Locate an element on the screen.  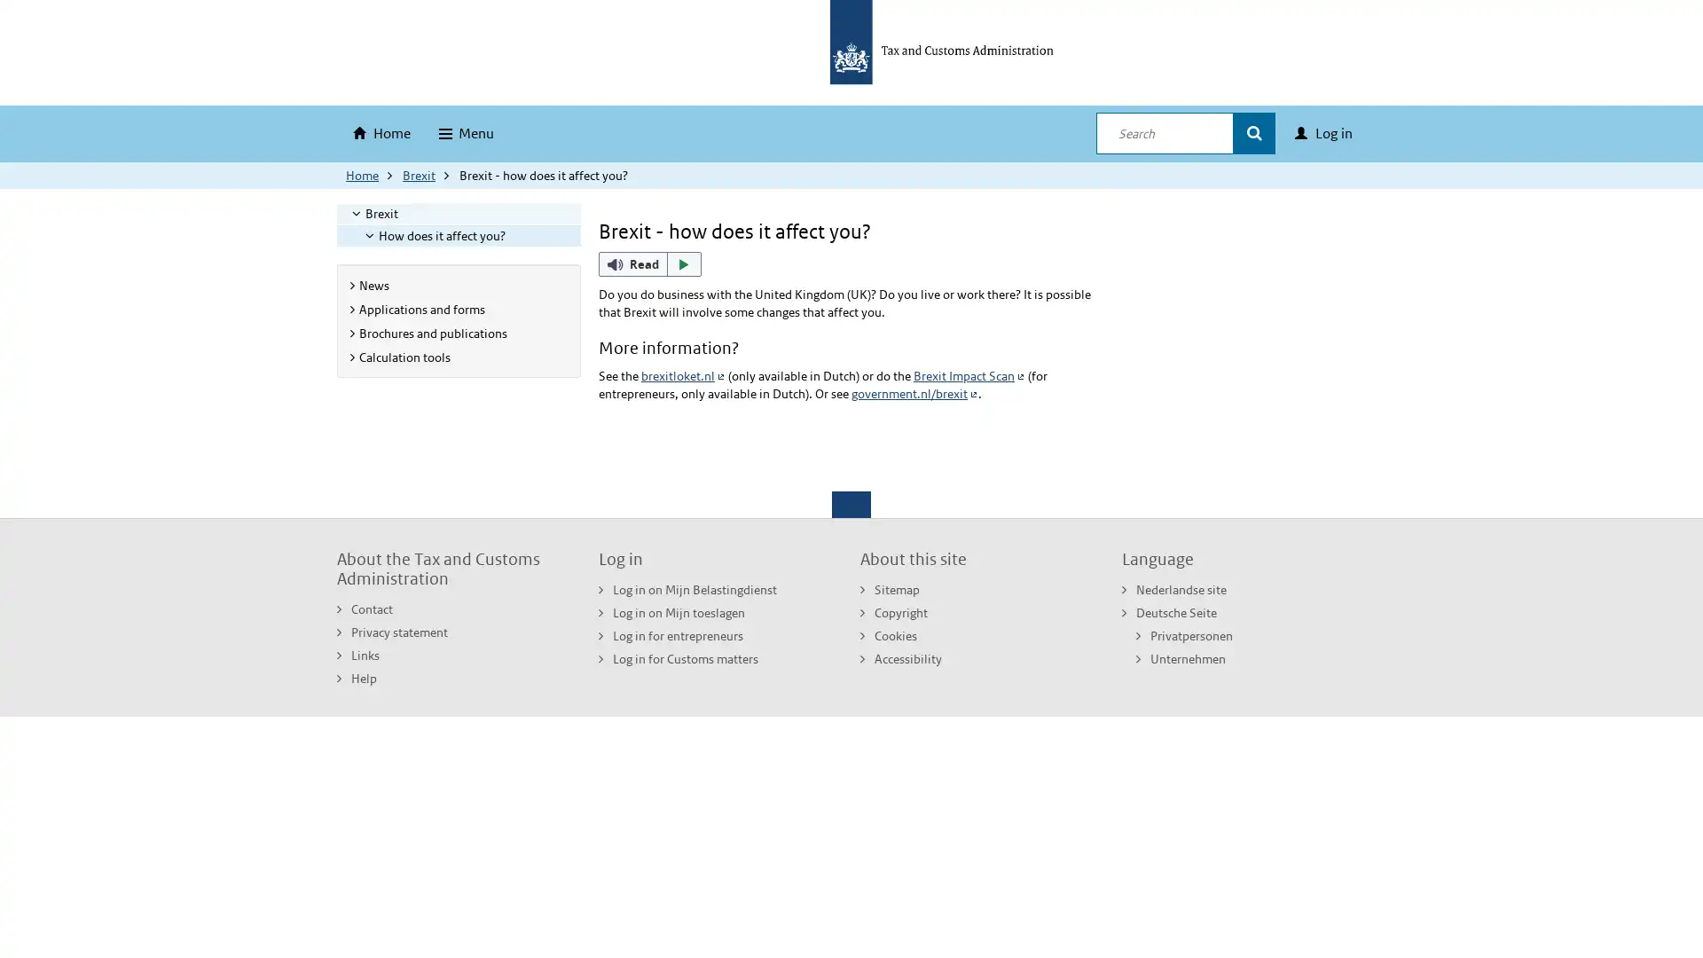
ReadSpeaker webReader: Listen with webReader is located at coordinates (649, 263).